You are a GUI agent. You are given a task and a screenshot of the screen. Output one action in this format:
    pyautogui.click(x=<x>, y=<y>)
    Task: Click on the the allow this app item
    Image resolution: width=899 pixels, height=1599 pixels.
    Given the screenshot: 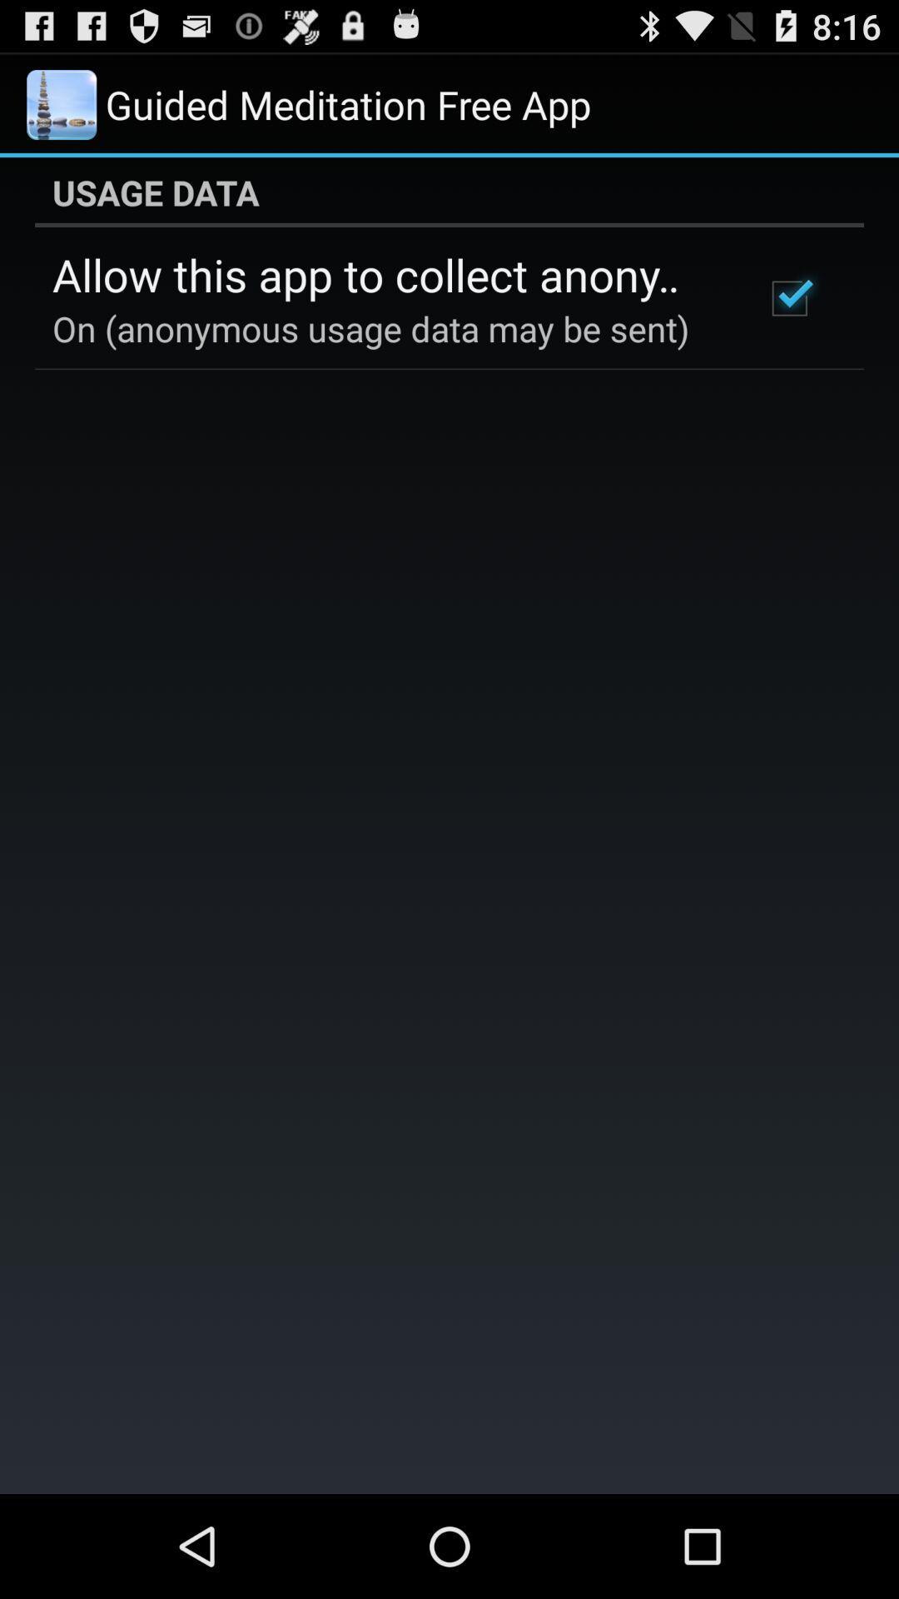 What is the action you would take?
    pyautogui.click(x=385, y=274)
    